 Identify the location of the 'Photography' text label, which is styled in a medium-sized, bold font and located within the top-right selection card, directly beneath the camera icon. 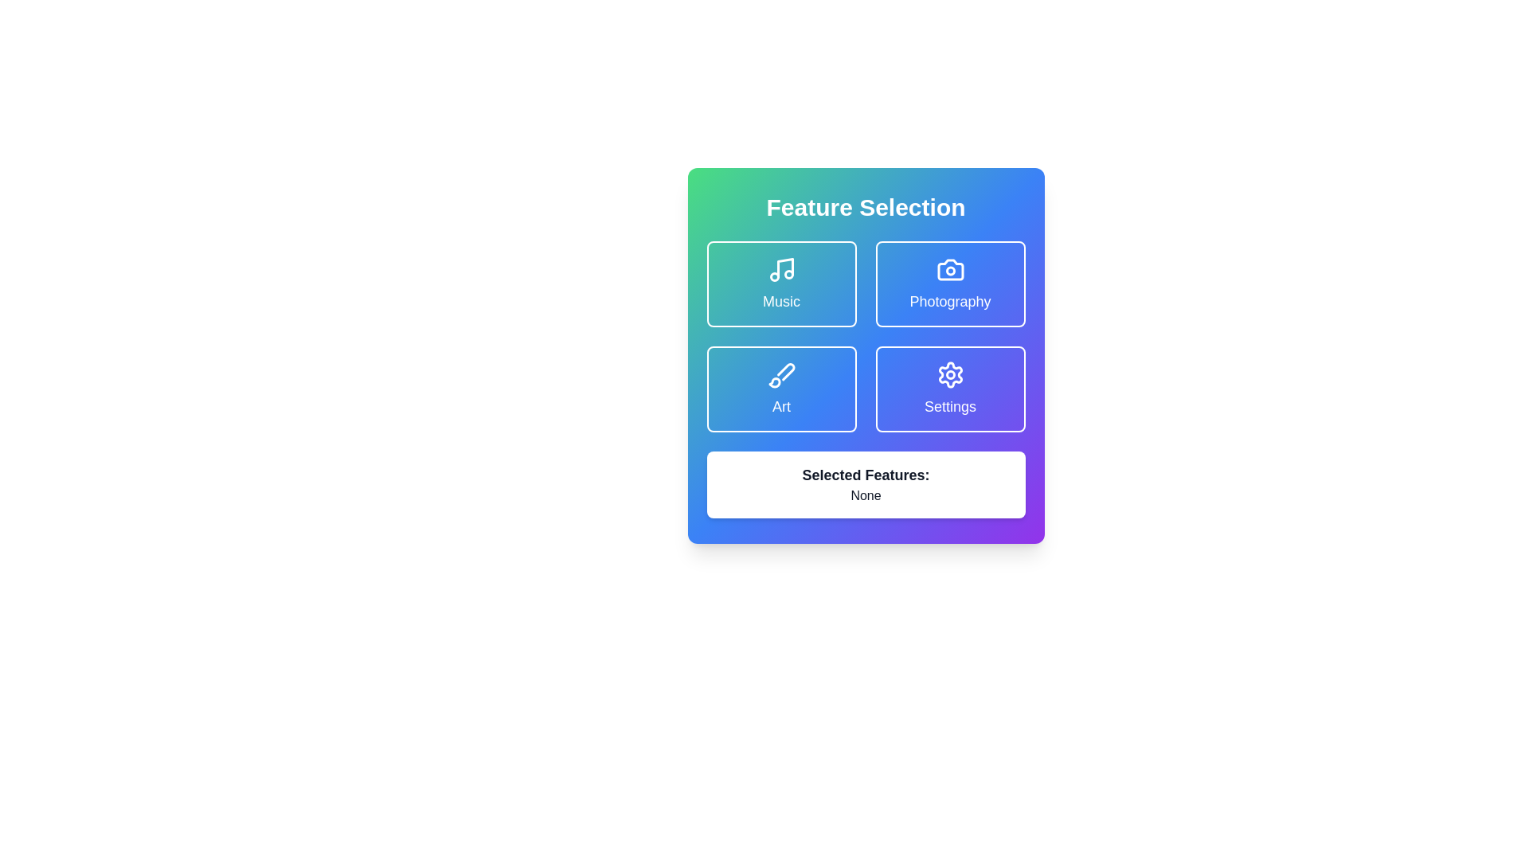
(950, 301).